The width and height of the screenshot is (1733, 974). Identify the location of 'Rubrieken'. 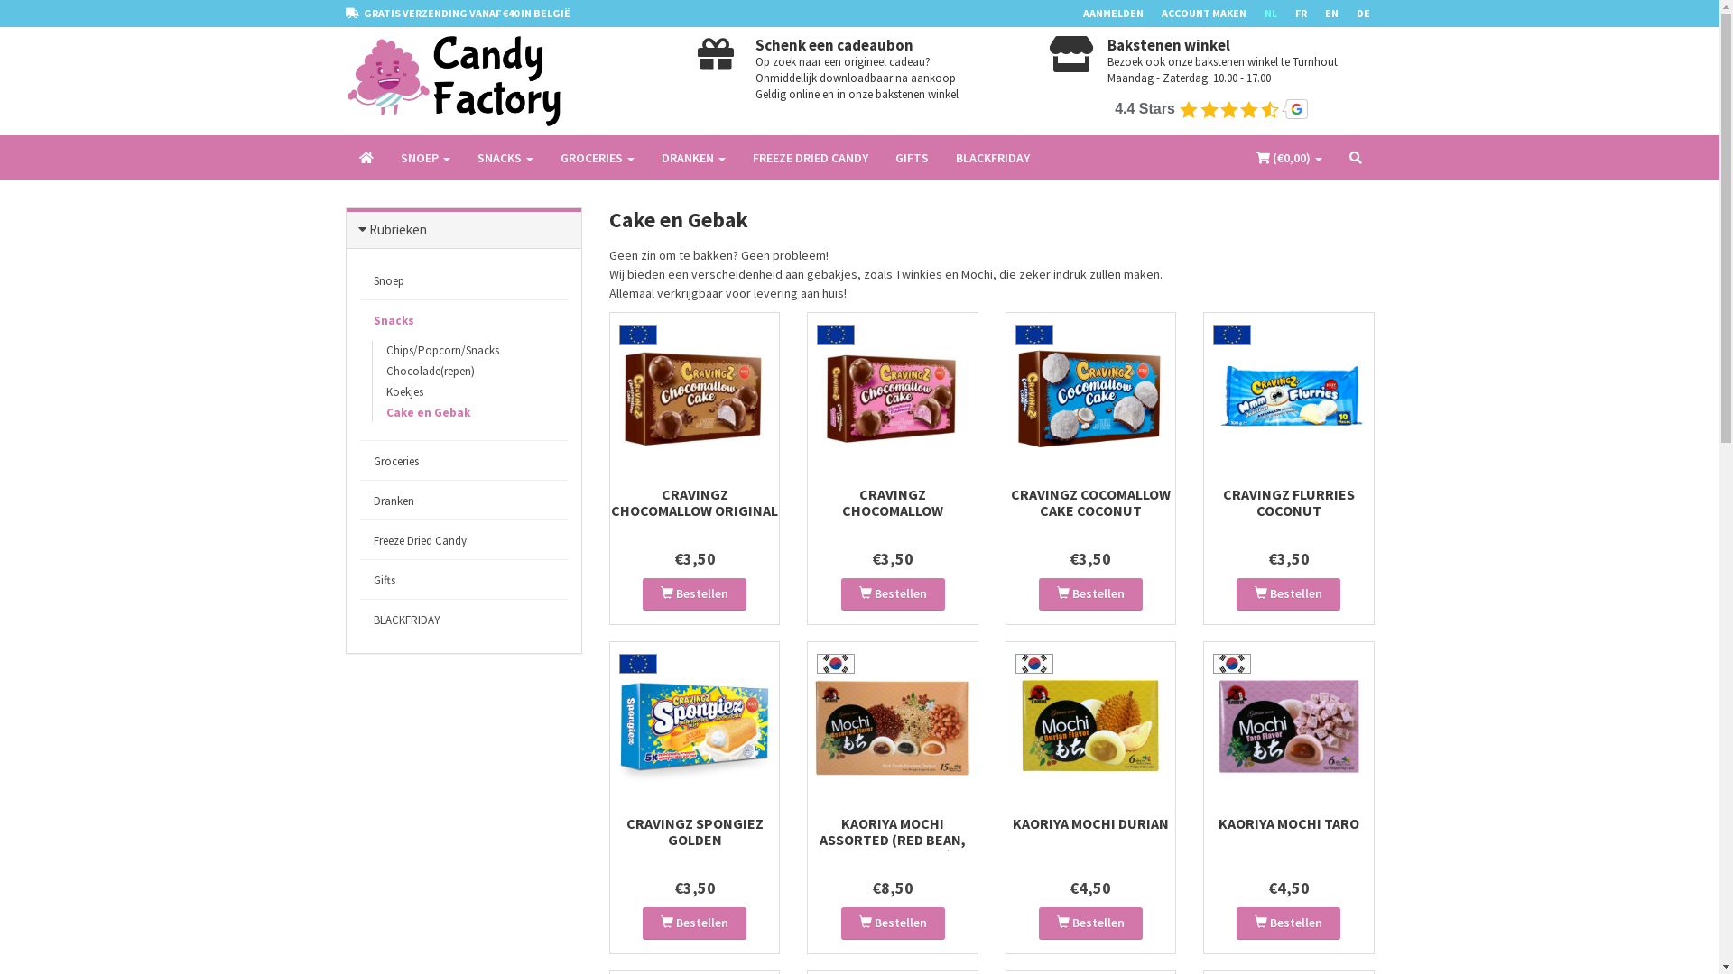
(396, 228).